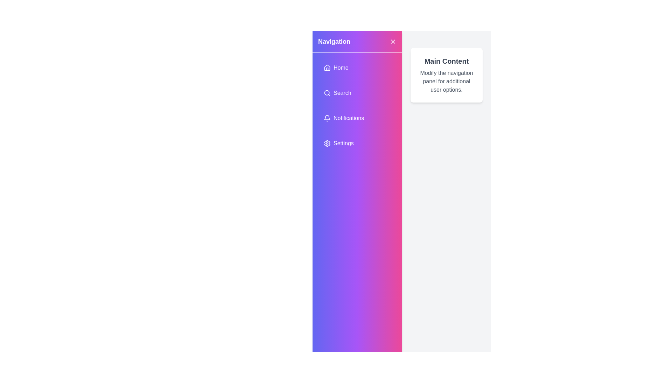 The width and height of the screenshot is (672, 378). I want to click on the bell-shaped notifications icon located in the left vertical navigation bar, so click(327, 117).